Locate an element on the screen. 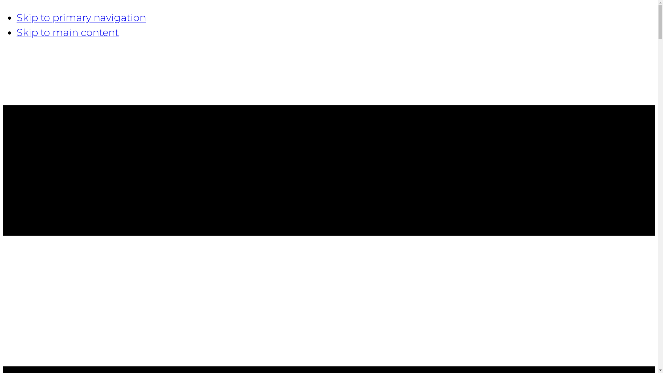  'Skip to primary navigation' is located at coordinates (81, 17).